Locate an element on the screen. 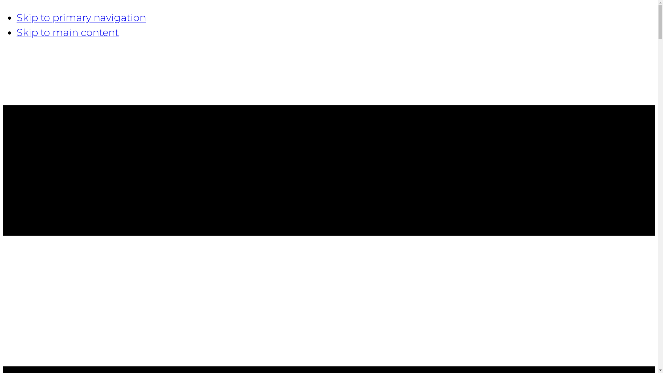  'Skip to primary navigation' is located at coordinates (81, 17).